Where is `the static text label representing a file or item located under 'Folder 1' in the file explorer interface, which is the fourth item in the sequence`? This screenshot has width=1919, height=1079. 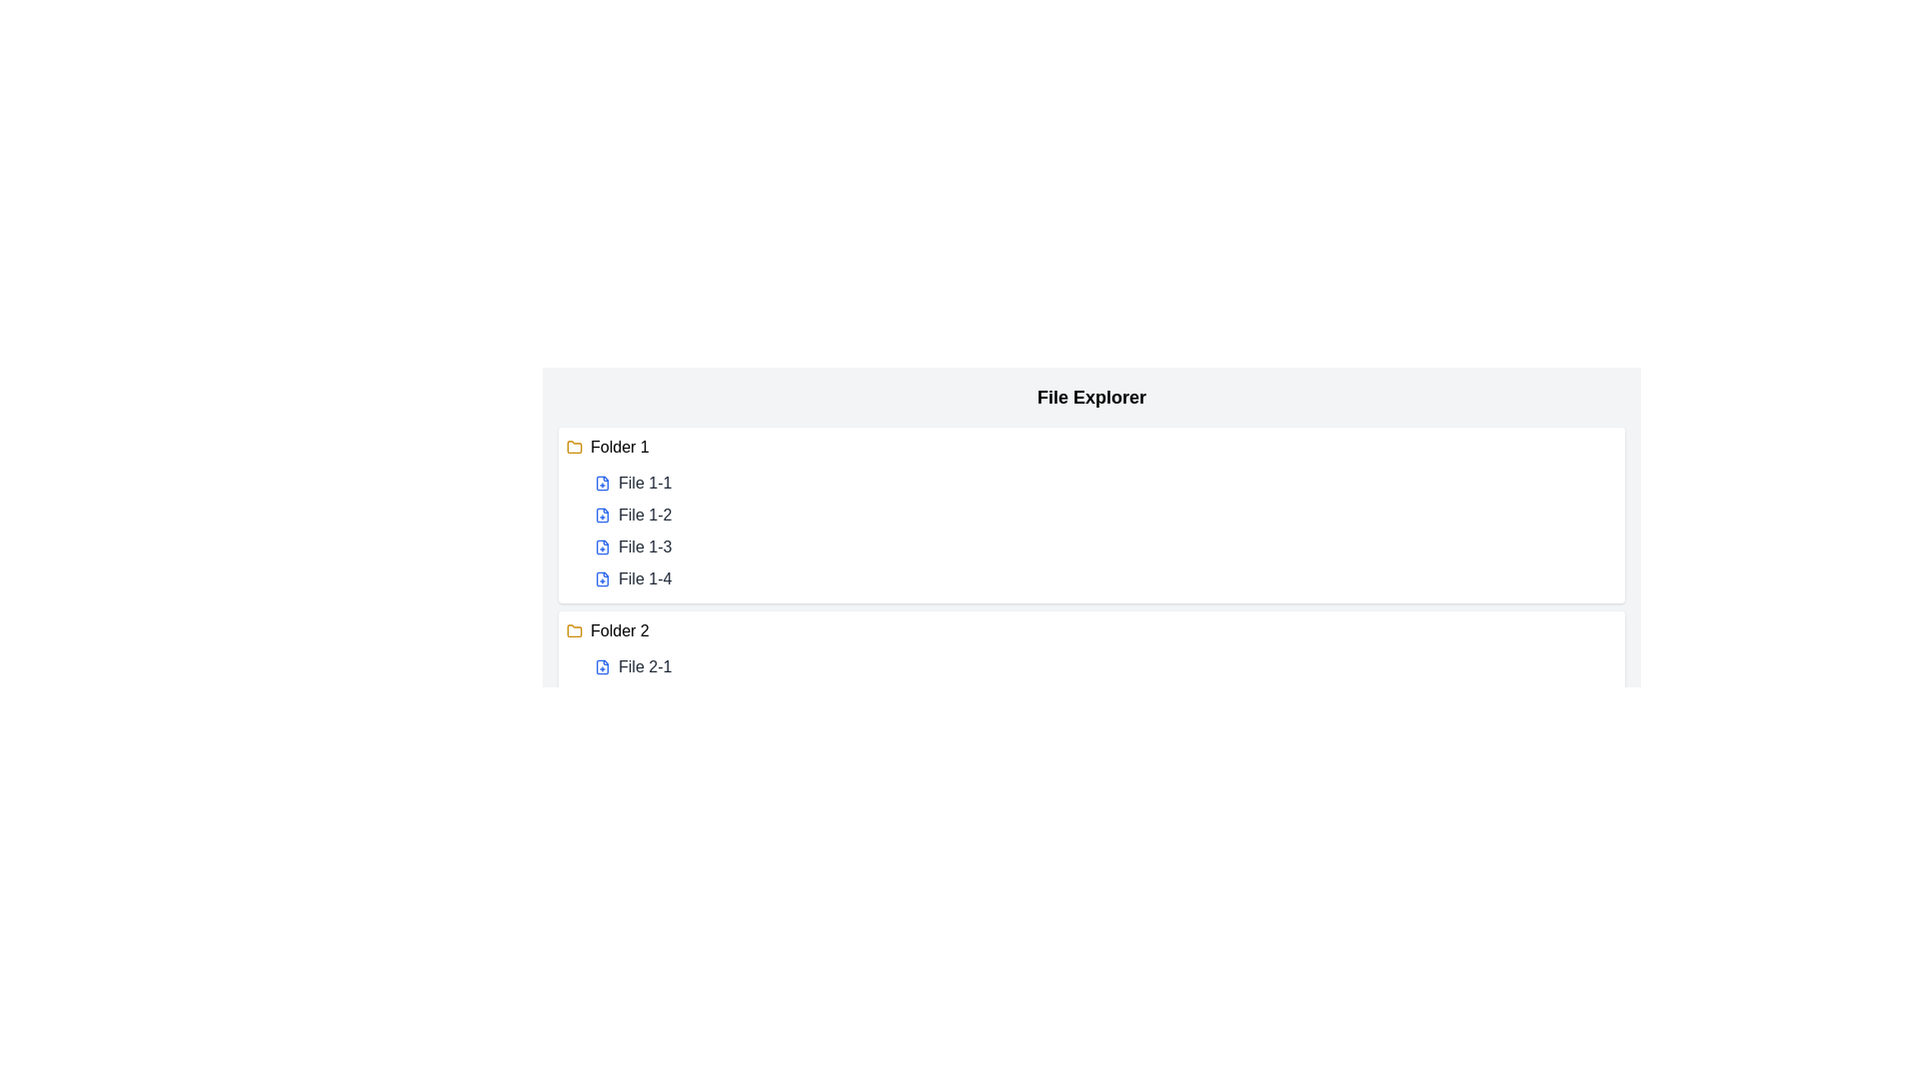 the static text label representing a file or item located under 'Folder 1' in the file explorer interface, which is the fourth item in the sequence is located at coordinates (645, 578).